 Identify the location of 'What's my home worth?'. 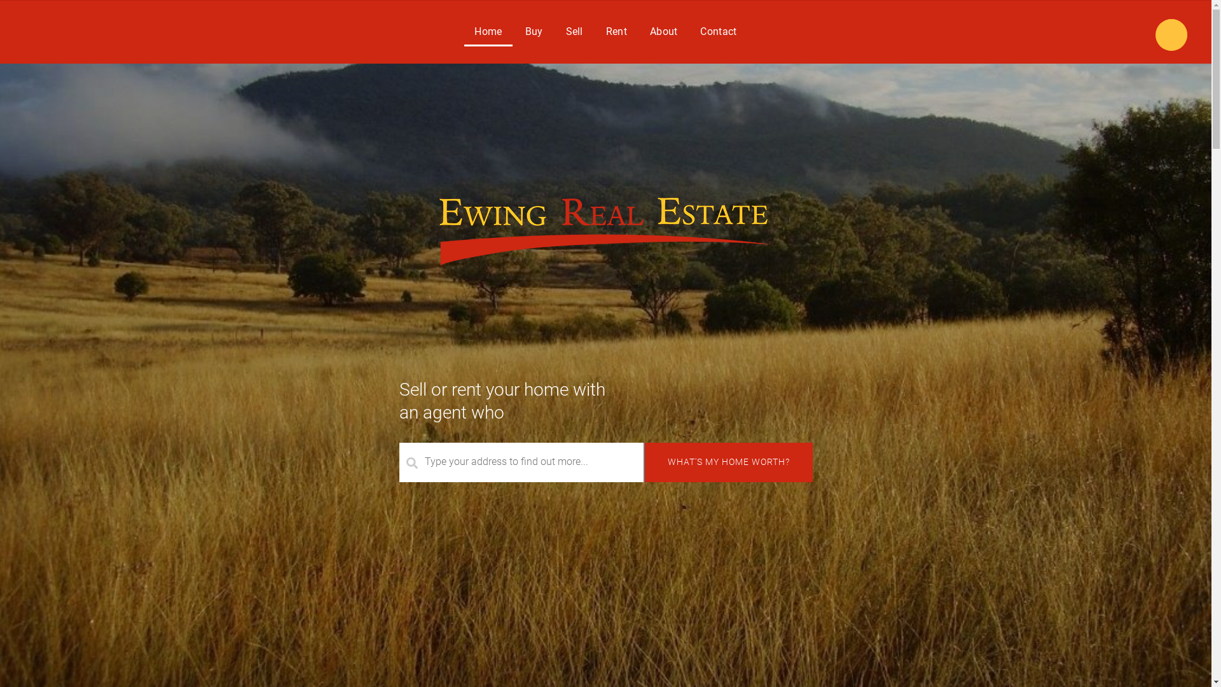
(729, 462).